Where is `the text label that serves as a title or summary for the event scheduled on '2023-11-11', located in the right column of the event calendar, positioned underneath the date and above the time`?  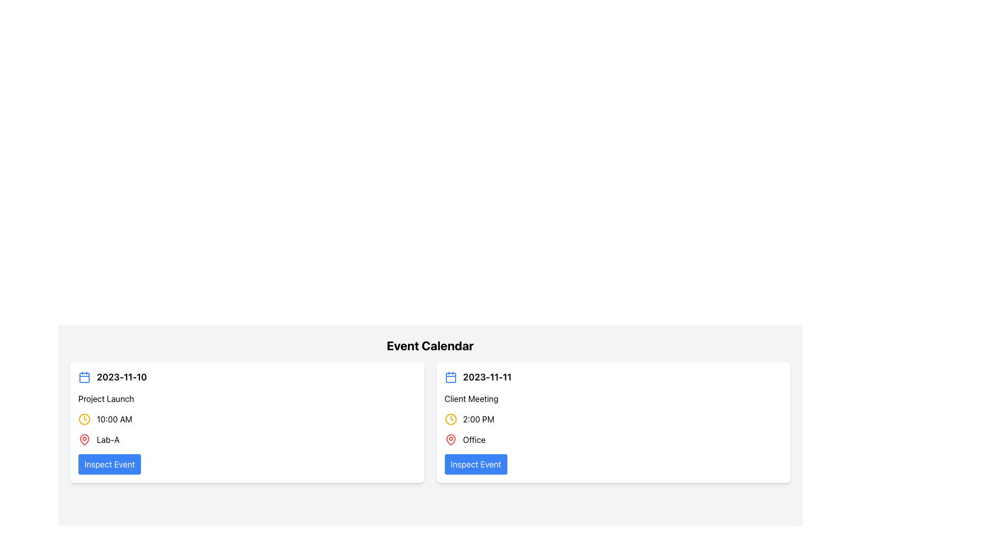
the text label that serves as a title or summary for the event scheduled on '2023-11-11', located in the right column of the event calendar, positioned underneath the date and above the time is located at coordinates (471, 398).